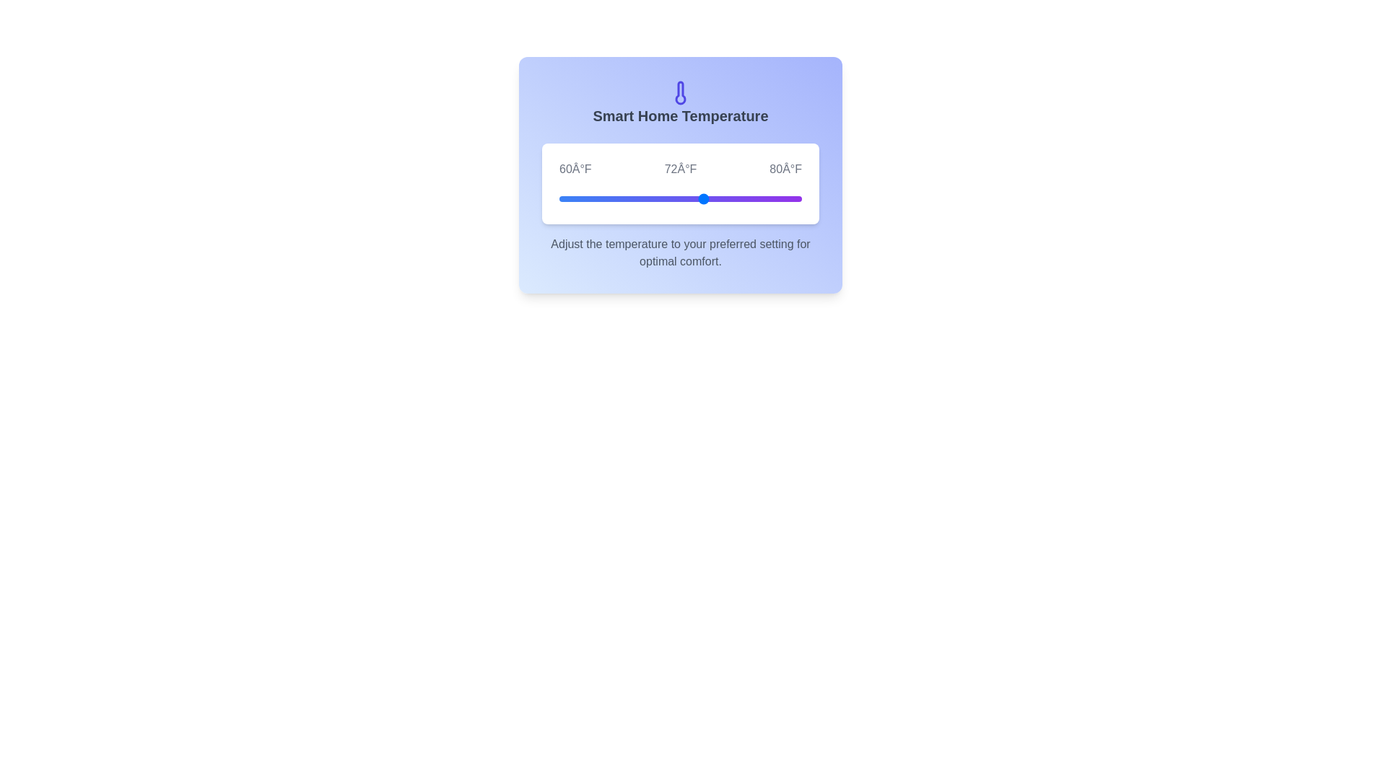 The width and height of the screenshot is (1386, 779). I want to click on the temperature slider to 76°F, so click(752, 199).